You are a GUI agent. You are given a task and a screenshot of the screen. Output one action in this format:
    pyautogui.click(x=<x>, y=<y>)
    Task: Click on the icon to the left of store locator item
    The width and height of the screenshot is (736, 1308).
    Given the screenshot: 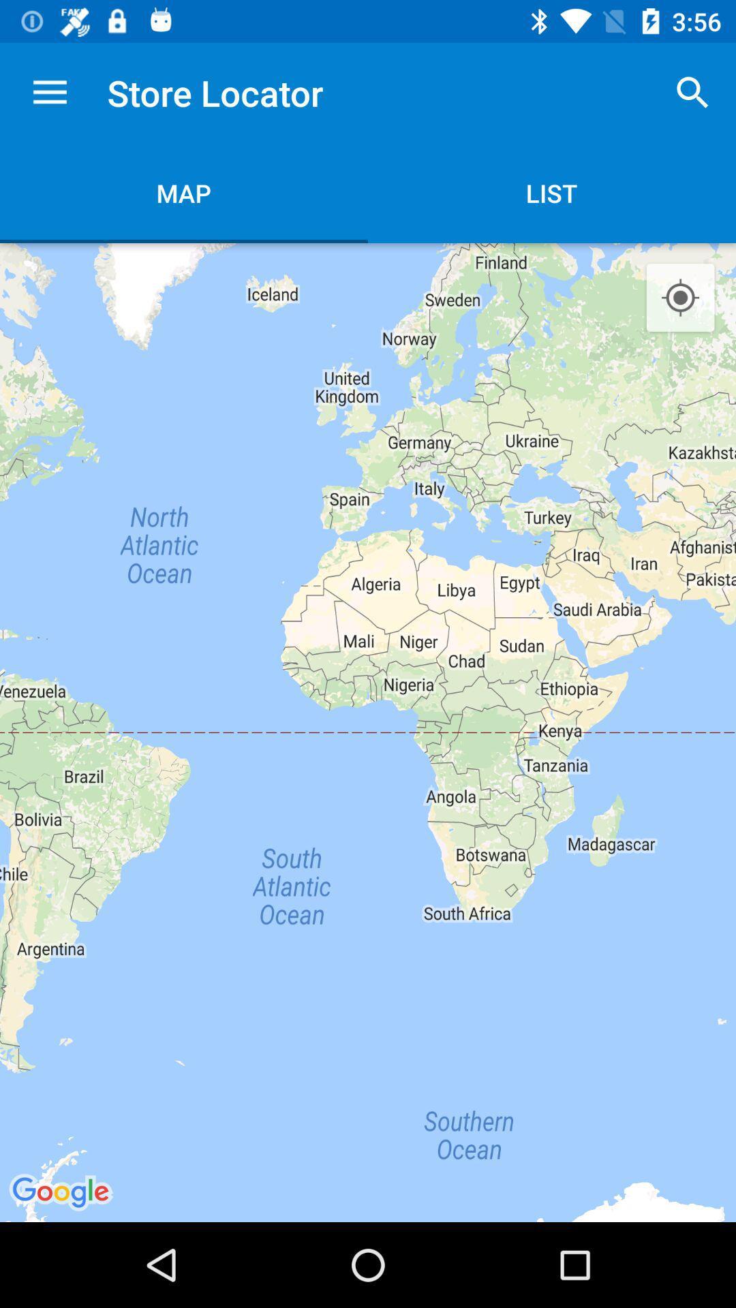 What is the action you would take?
    pyautogui.click(x=49, y=92)
    